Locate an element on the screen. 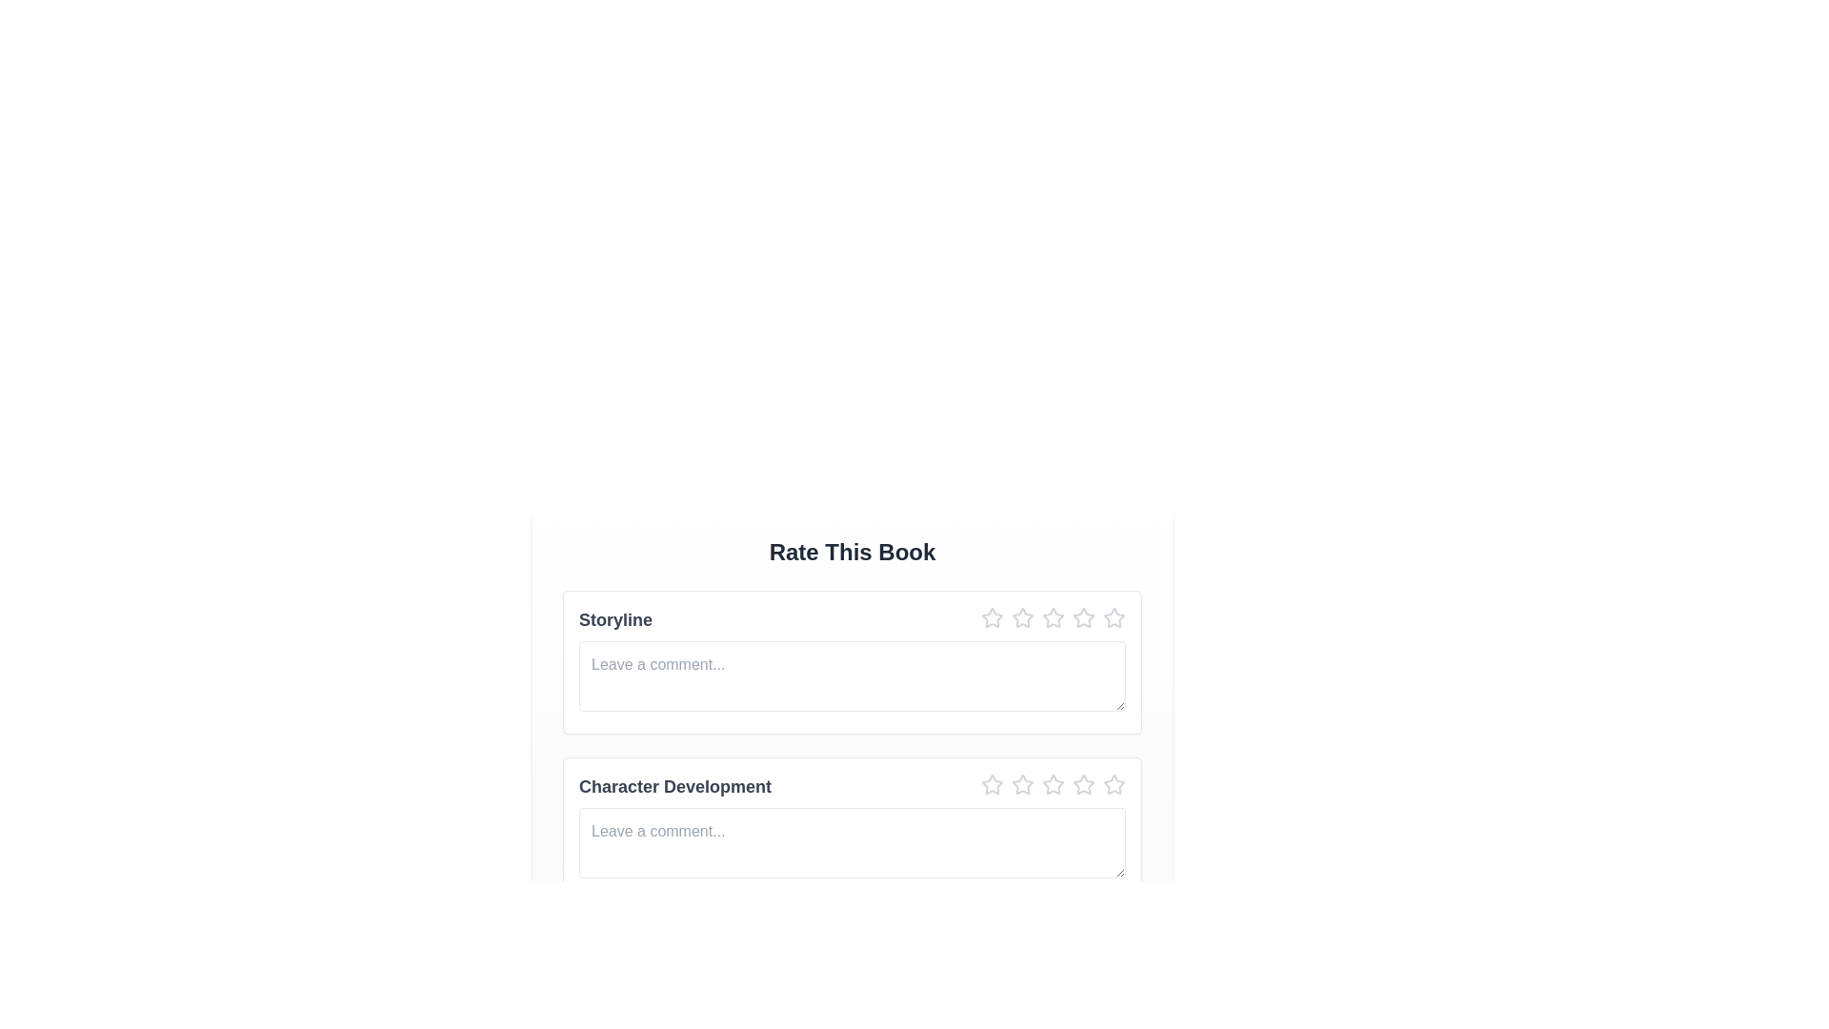 The width and height of the screenshot is (1829, 1029). the first star-shaped rating icon in the horizontal set, located above the 'Character Development' section is located at coordinates (991, 617).